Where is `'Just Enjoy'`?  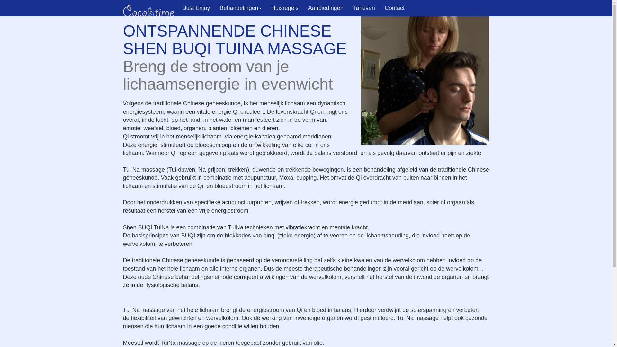
'Just Enjoy' is located at coordinates (196, 8).